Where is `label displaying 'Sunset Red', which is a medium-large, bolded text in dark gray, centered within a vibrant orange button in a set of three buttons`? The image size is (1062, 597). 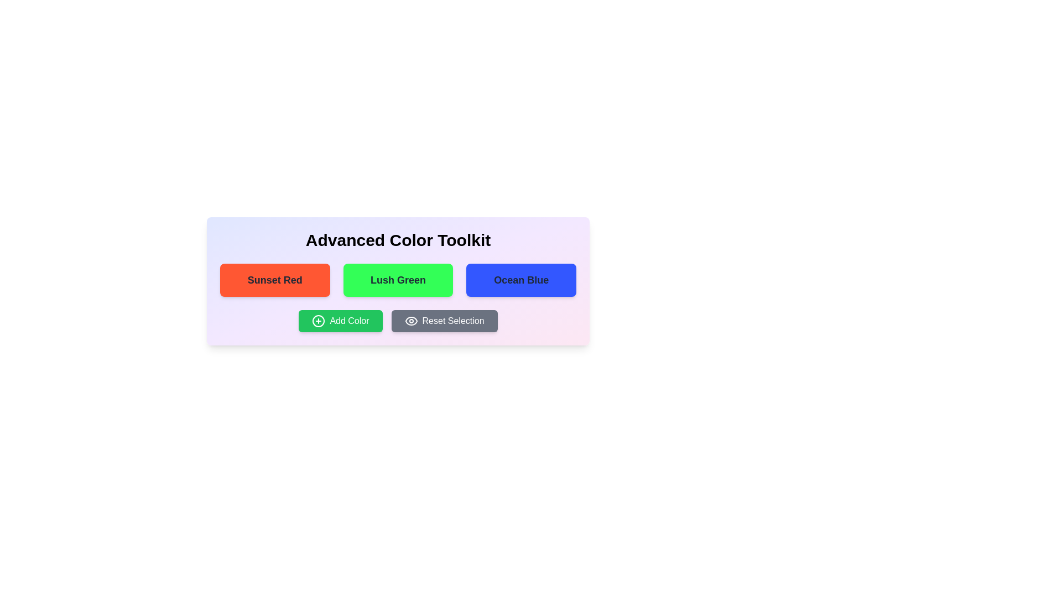 label displaying 'Sunset Red', which is a medium-large, bolded text in dark gray, centered within a vibrant orange button in a set of three buttons is located at coordinates (275, 279).